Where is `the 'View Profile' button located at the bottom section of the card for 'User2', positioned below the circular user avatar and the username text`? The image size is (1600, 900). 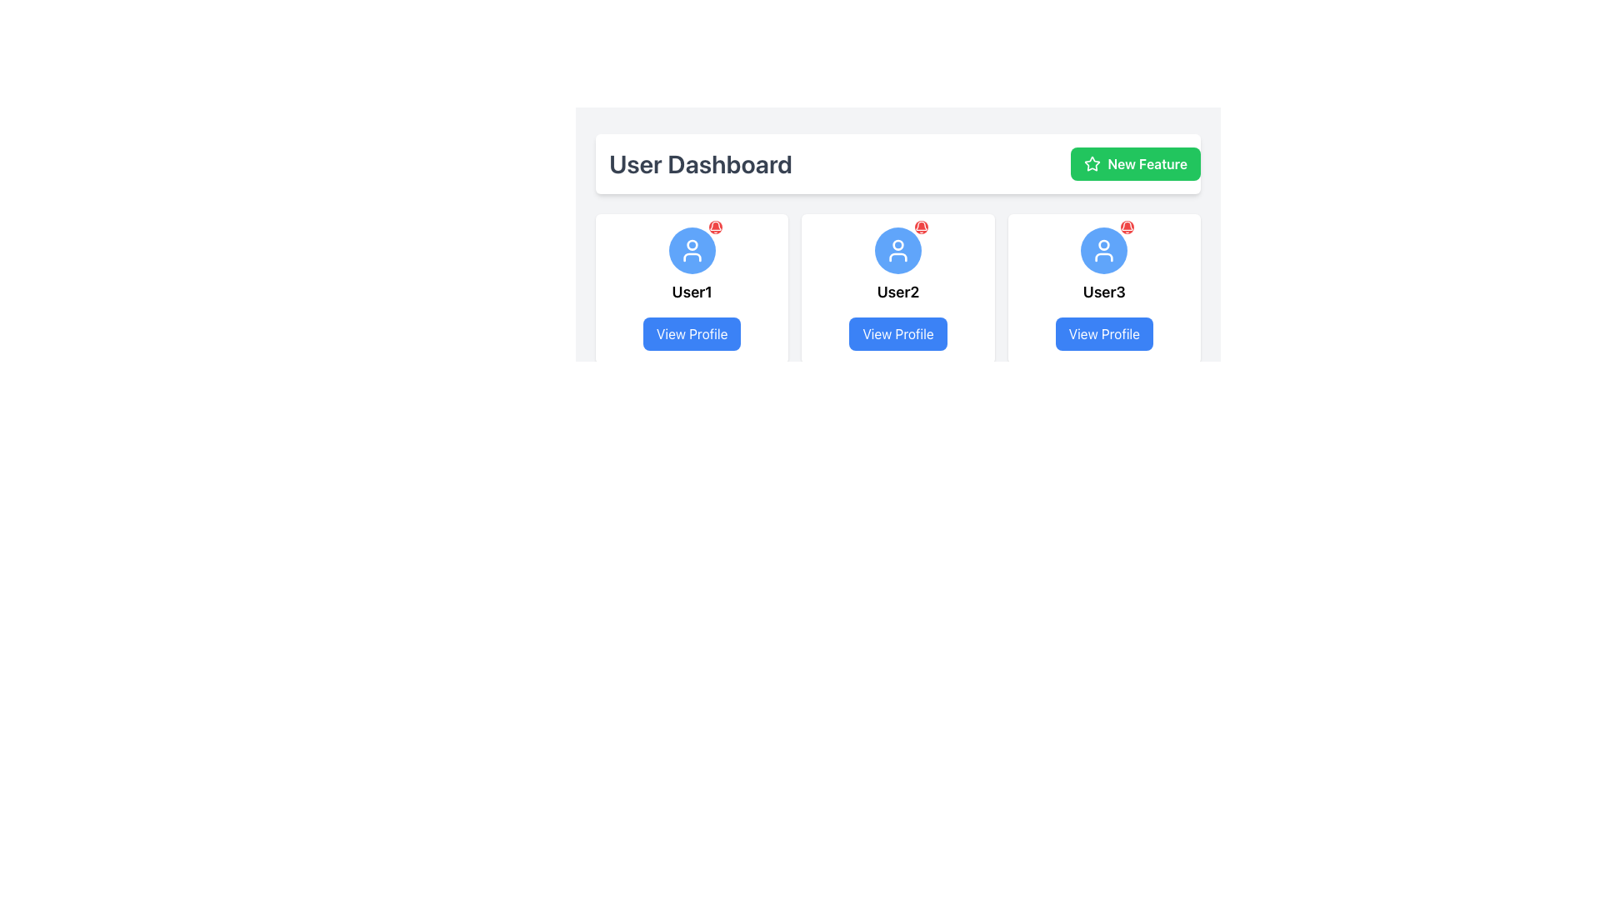
the 'View Profile' button located at the bottom section of the card for 'User2', positioned below the circular user avatar and the username text is located at coordinates (897, 334).